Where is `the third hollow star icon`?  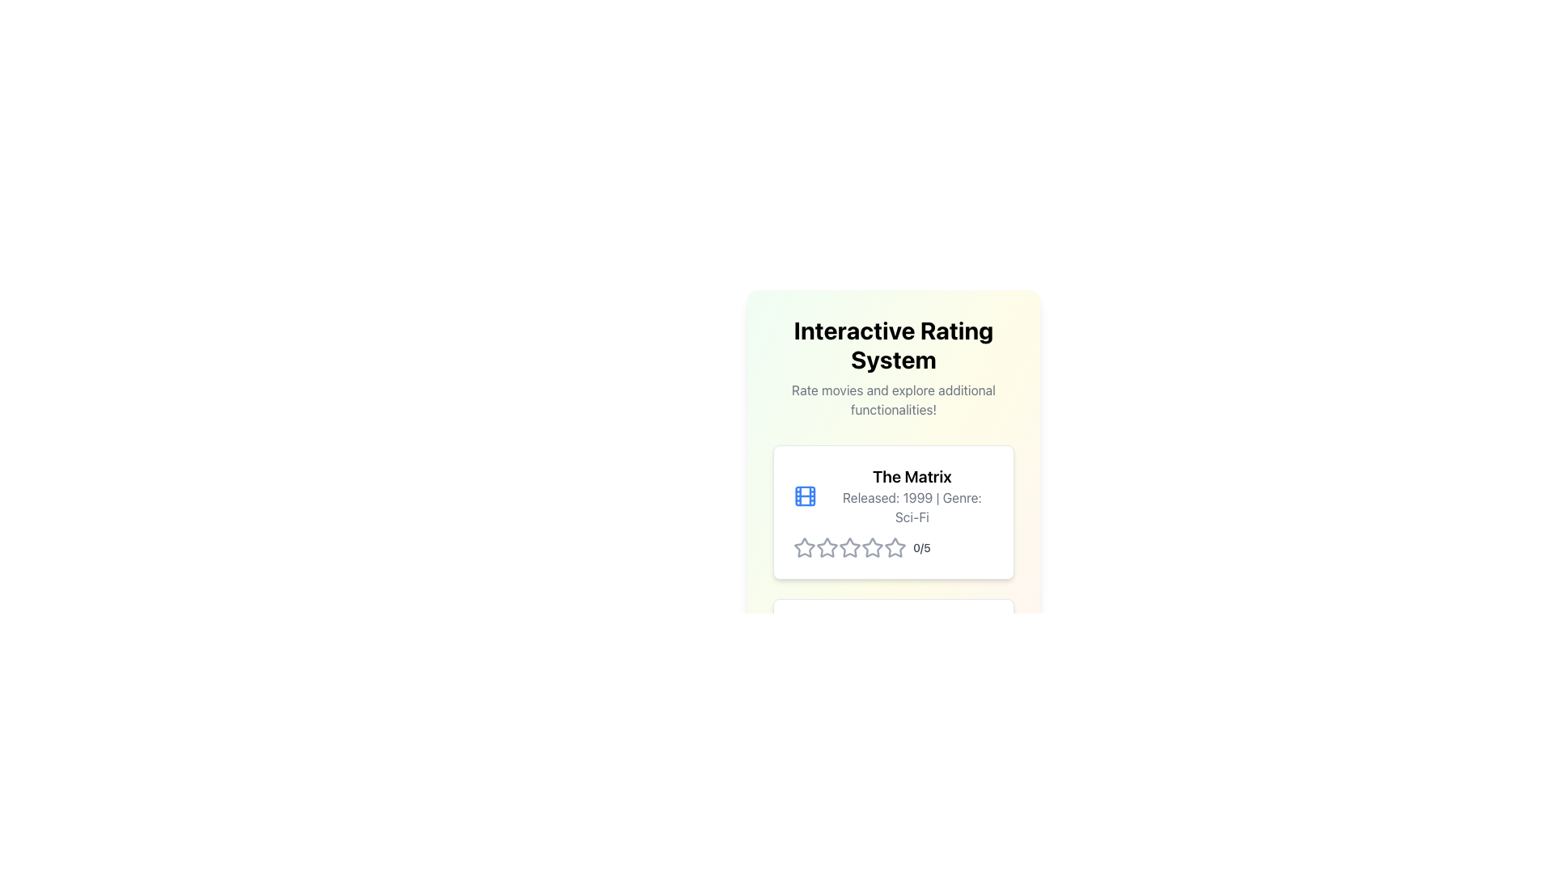 the third hollow star icon is located at coordinates (849, 547).